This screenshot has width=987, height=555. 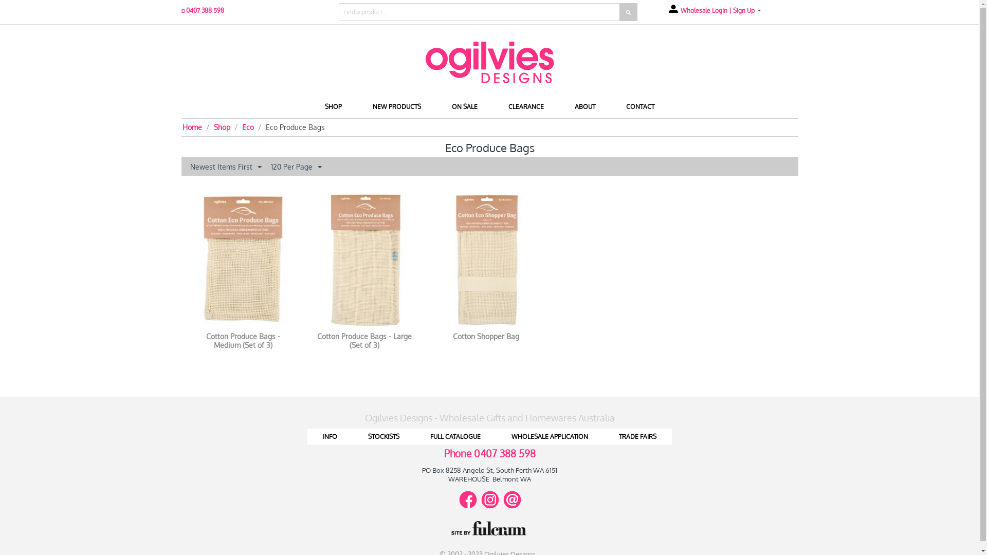 What do you see at coordinates (225, 166) in the screenshot?
I see `'Newest Items First'` at bounding box center [225, 166].